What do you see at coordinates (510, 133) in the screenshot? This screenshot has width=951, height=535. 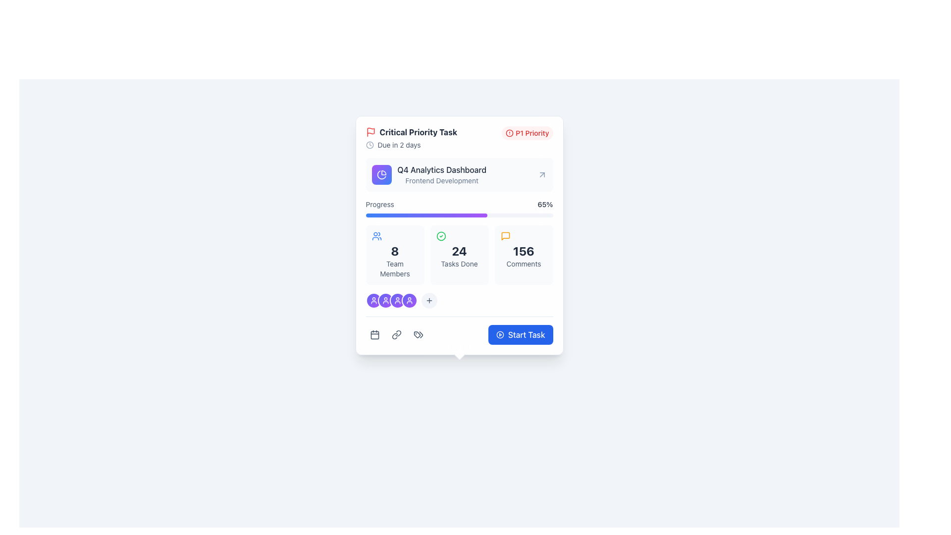 I see `the SVG Circle element that enhances the visual representation of the 'P1 Priority' label, emphasizing urgency` at bounding box center [510, 133].